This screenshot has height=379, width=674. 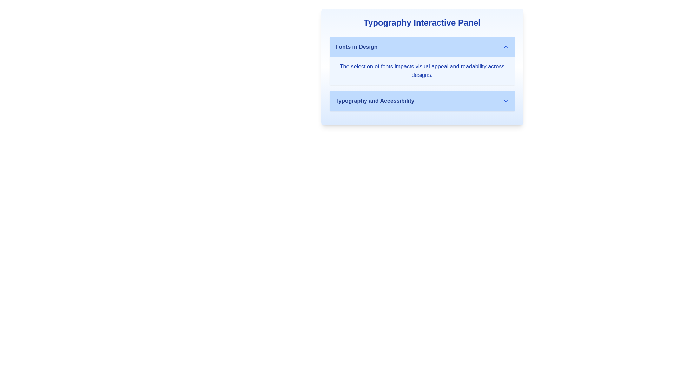 What do you see at coordinates (505, 101) in the screenshot?
I see `the blue downward-pointing chevron icon located to the far right of the 'Typography and Accessibility' button` at bounding box center [505, 101].